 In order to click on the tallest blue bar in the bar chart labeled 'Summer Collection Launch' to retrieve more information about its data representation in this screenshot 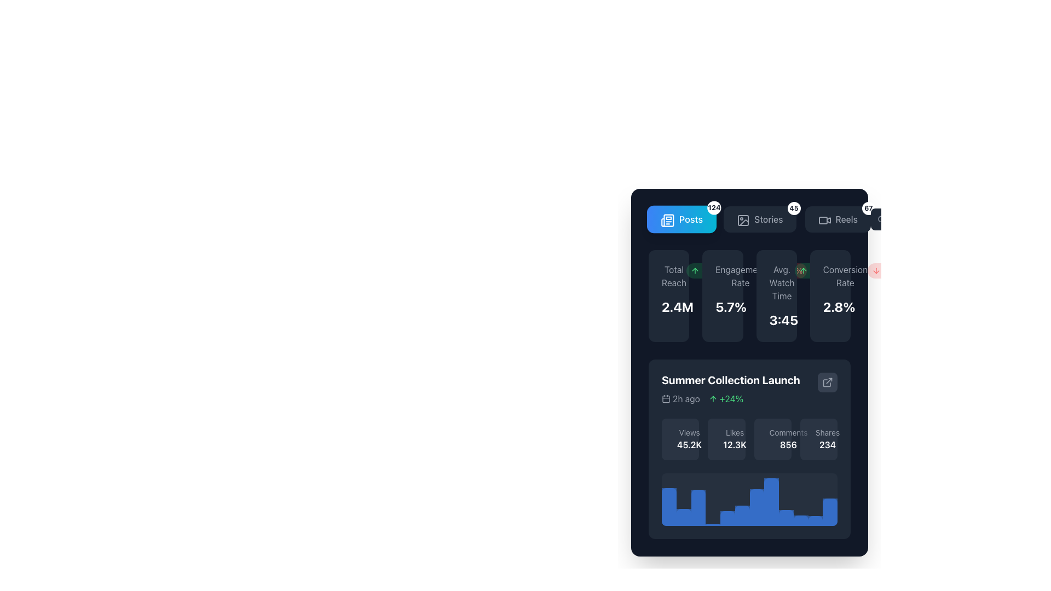, I will do `click(771, 502)`.